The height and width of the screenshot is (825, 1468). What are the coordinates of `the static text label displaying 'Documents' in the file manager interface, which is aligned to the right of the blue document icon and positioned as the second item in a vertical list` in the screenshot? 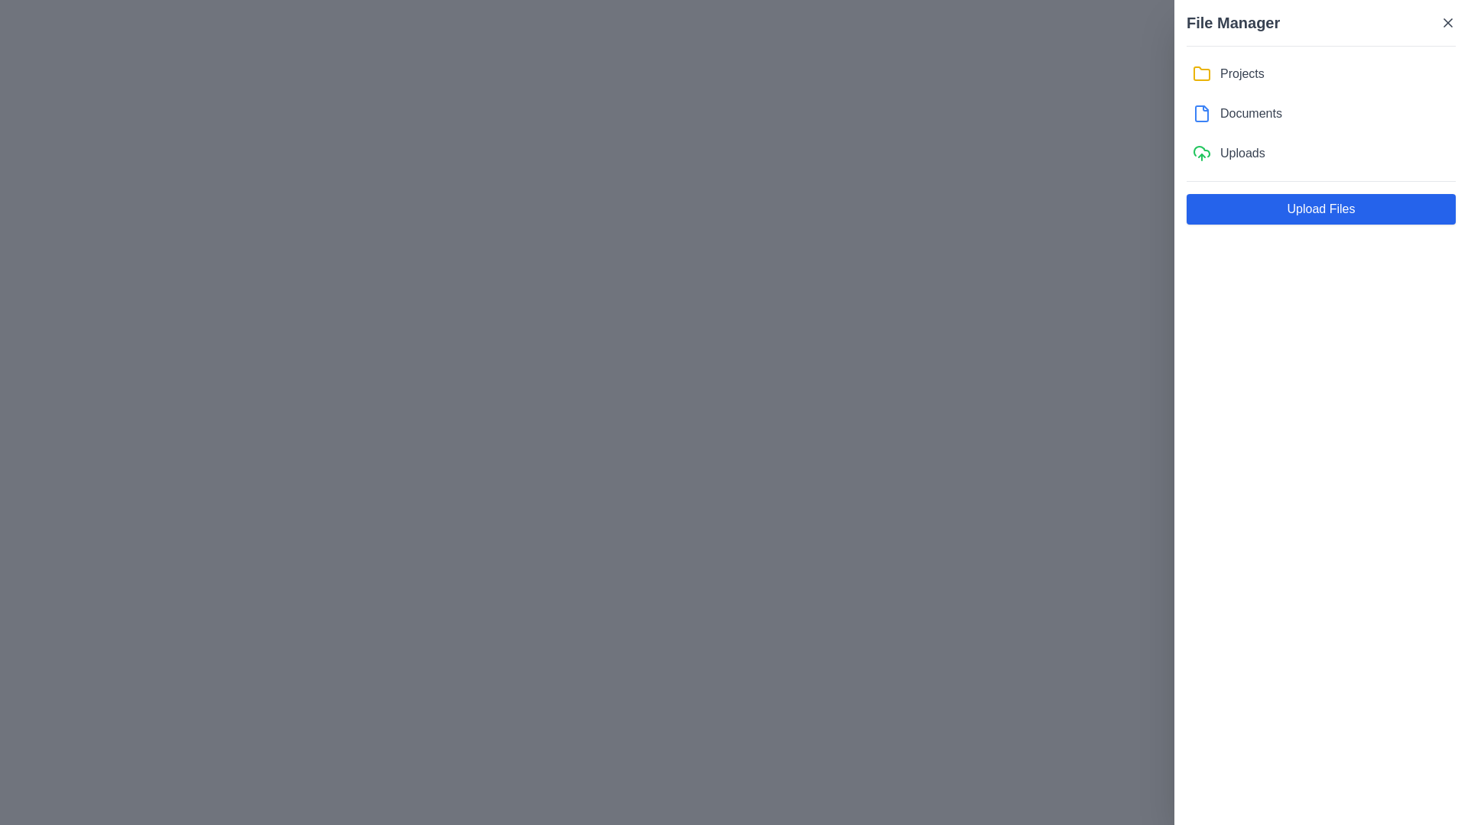 It's located at (1251, 113).